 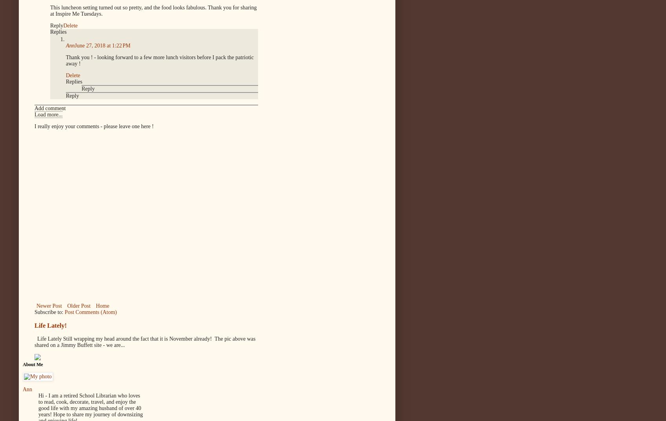 What do you see at coordinates (145, 341) in the screenshot?
I see `'Life Lately Still wrapping my head around the fact that it is November already!  The pic above was shared on a Jimmy Buffett site - we are...'` at bounding box center [145, 341].